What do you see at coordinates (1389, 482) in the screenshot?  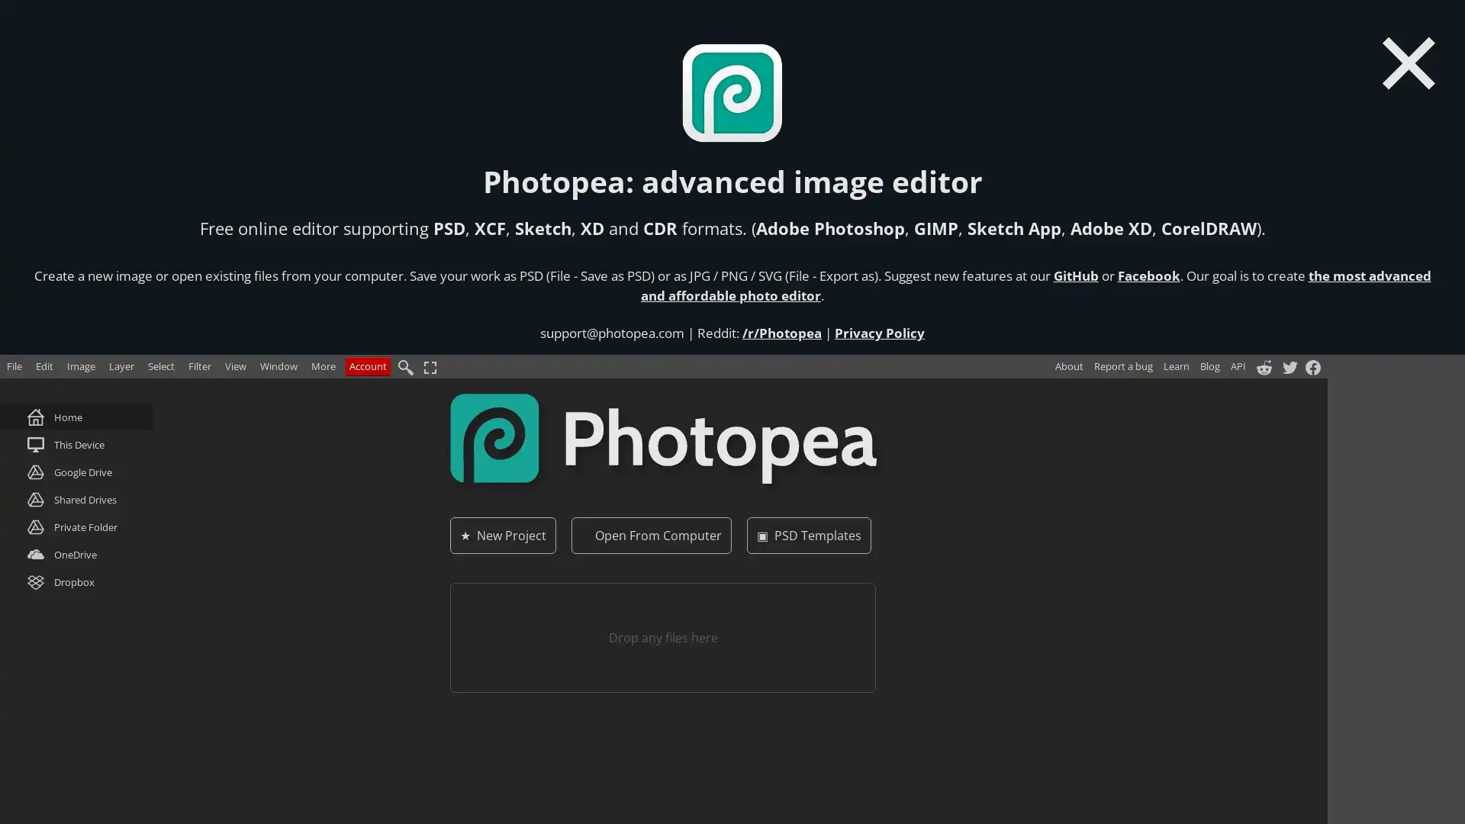 I see `Do not sell my data` at bounding box center [1389, 482].